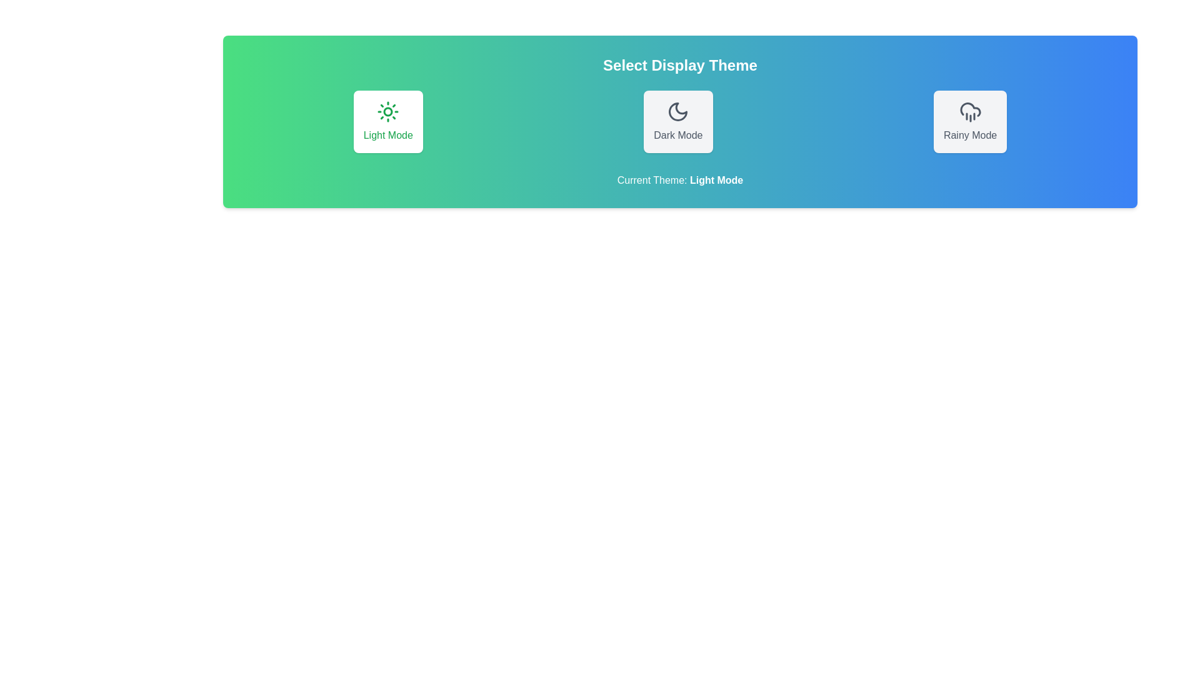 The width and height of the screenshot is (1200, 675). Describe the element at coordinates (677, 122) in the screenshot. I see `the button corresponding to Dark Mode to select the desired theme` at that location.